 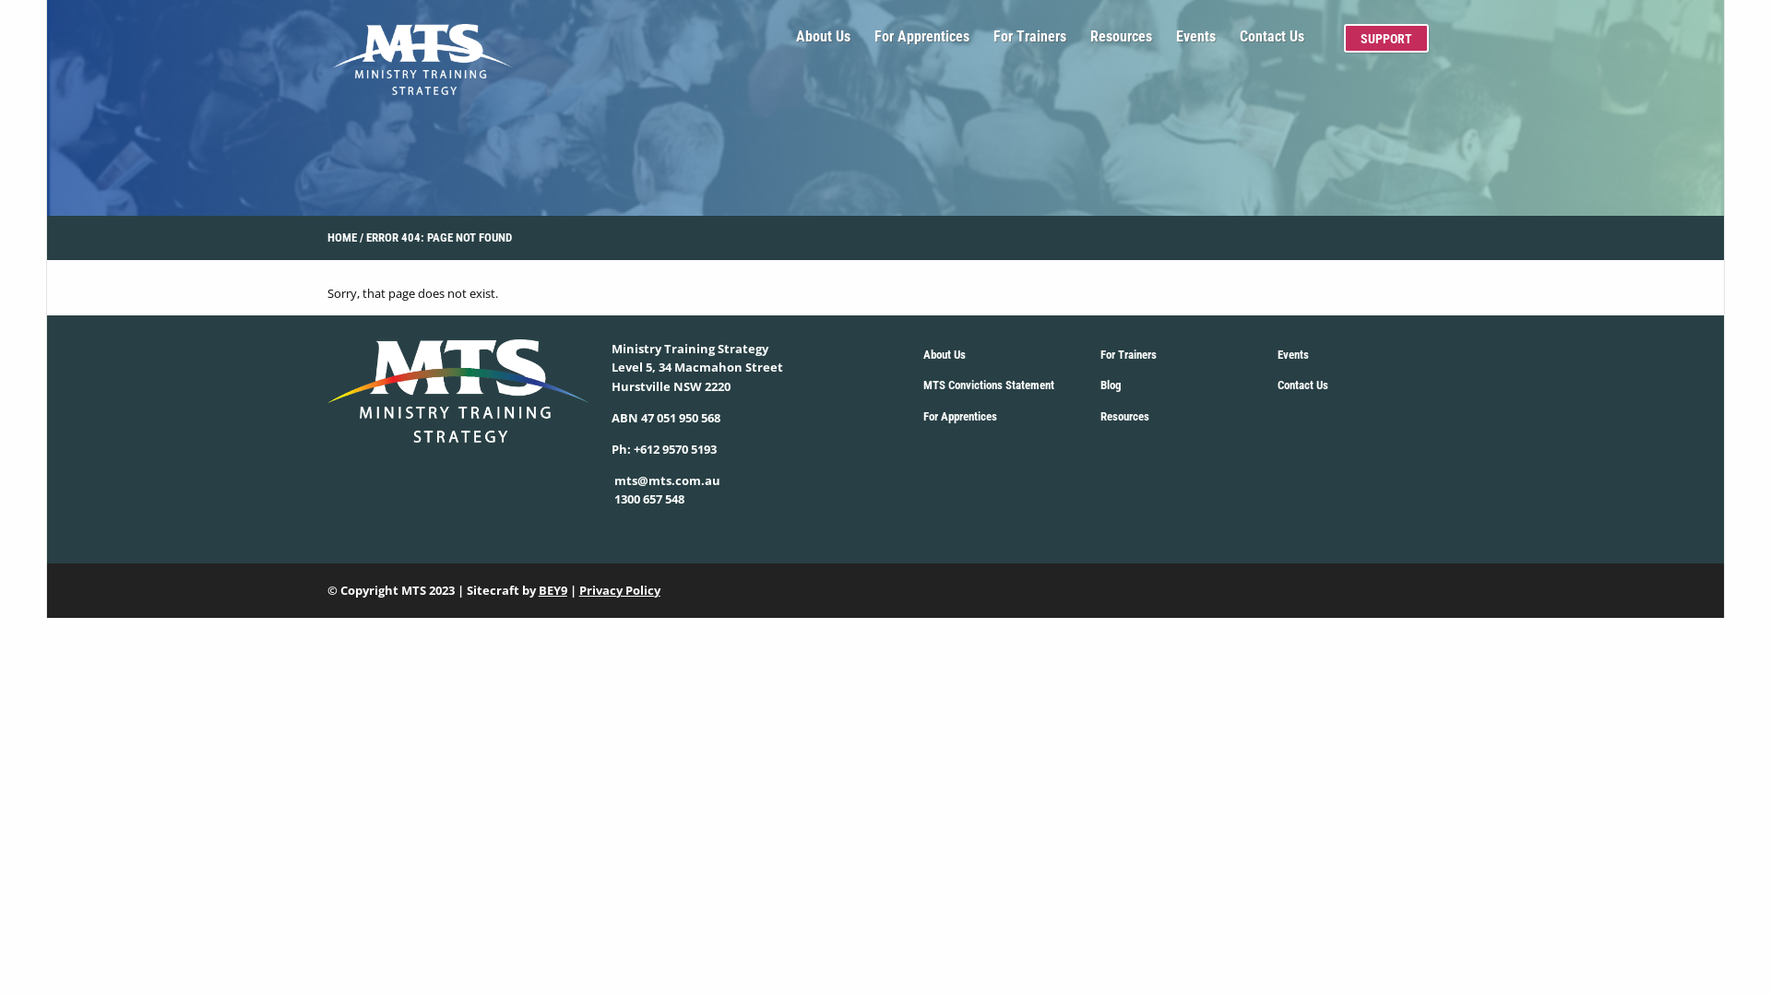 I want to click on 'For Apprentices', so click(x=921, y=42).